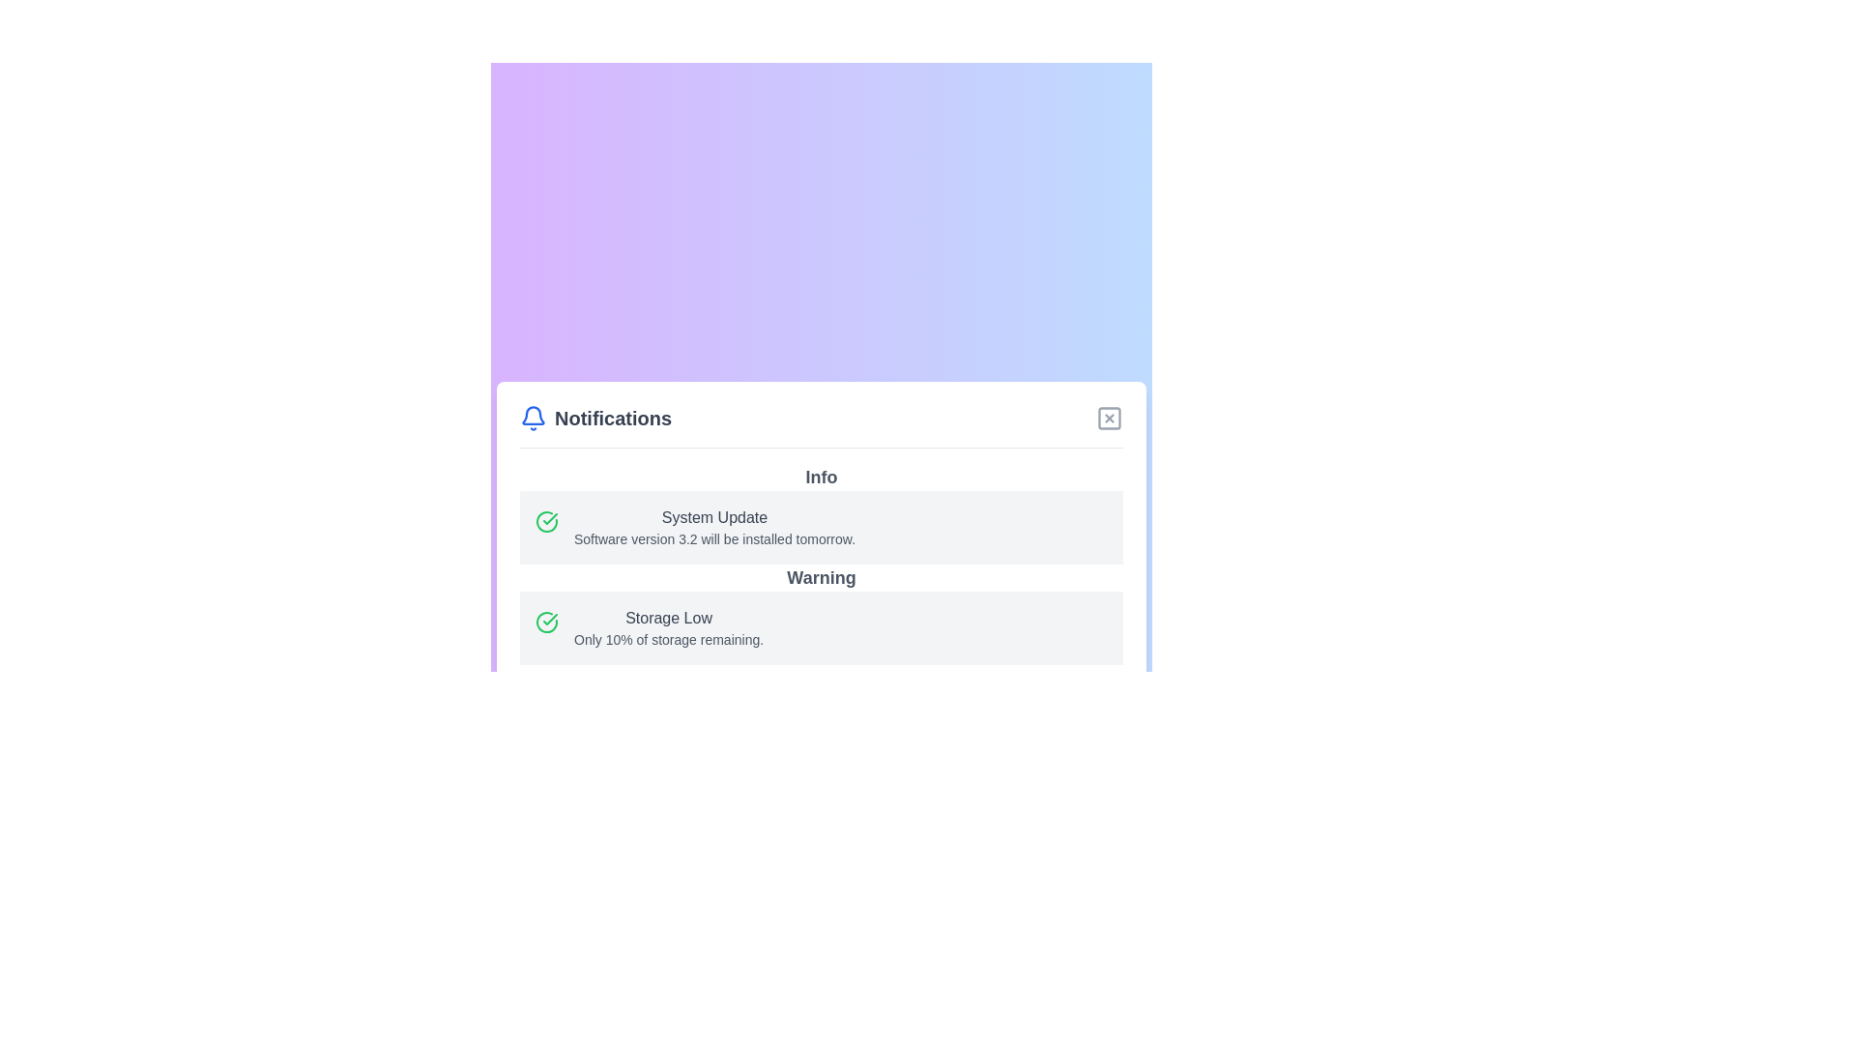 The height and width of the screenshot is (1044, 1856). I want to click on the green circle icon with a checkmark that indicates the 'Storage Low' warning status, located next to the 'Storage Low' text in the 'Warning' notification section, so click(549, 517).